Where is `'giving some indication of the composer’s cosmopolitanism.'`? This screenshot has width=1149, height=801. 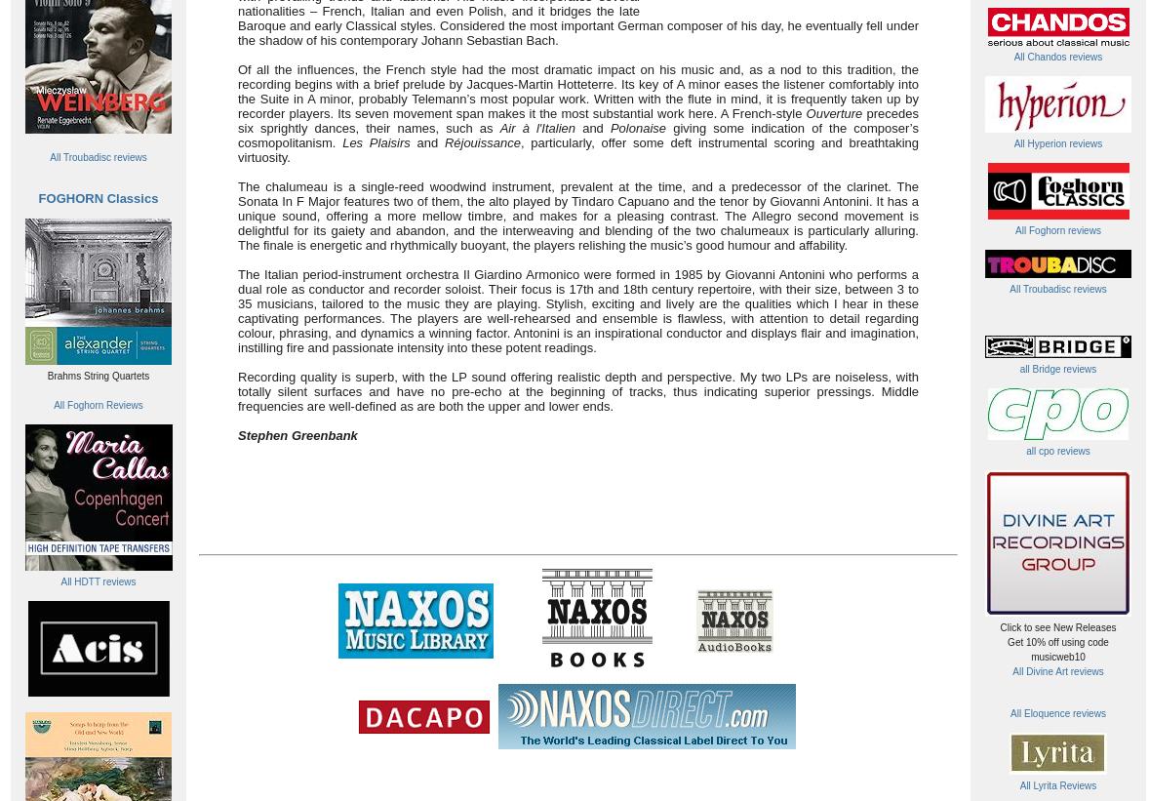 'giving some indication of the composer’s cosmopolitanism.' is located at coordinates (577, 135).